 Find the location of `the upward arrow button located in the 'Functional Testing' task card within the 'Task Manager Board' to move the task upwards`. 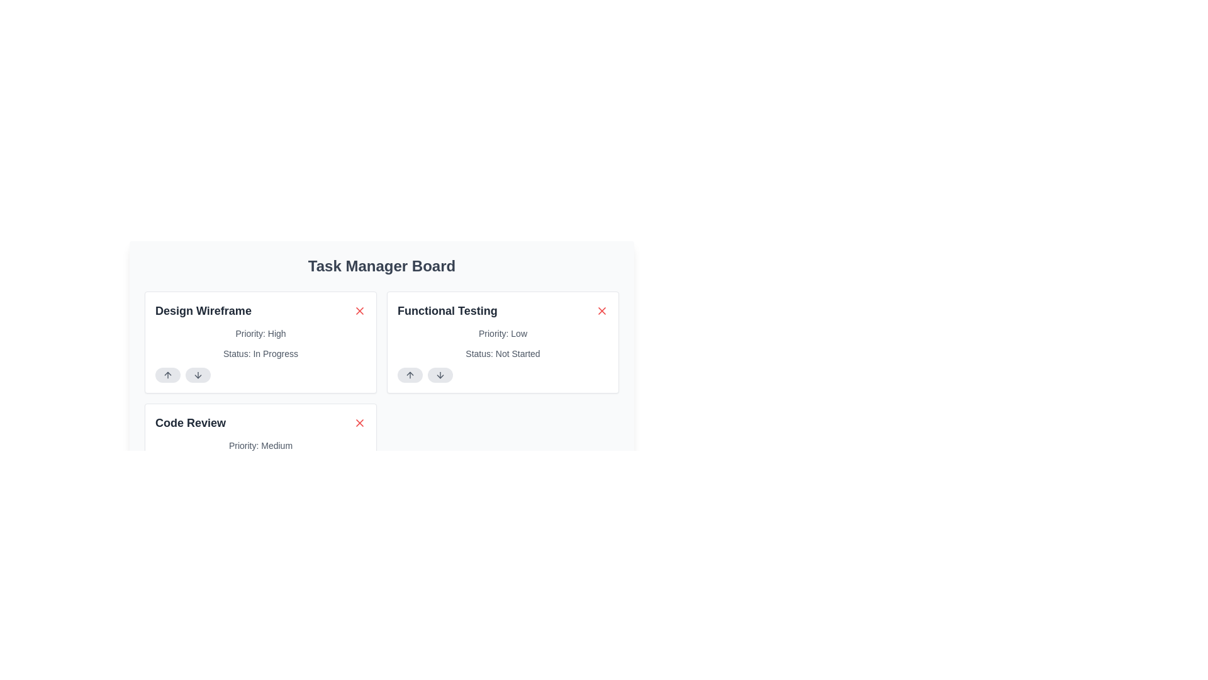

the upward arrow button located in the 'Functional Testing' task card within the 'Task Manager Board' to move the task upwards is located at coordinates (410, 375).